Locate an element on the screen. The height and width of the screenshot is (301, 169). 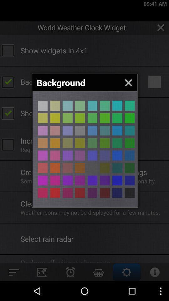
purple background is located at coordinates (55, 130).